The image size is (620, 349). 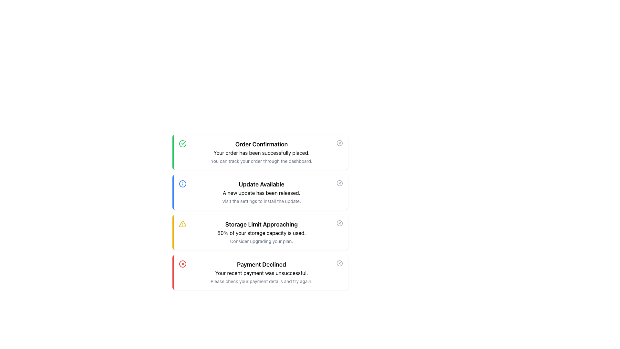 What do you see at coordinates (339, 223) in the screenshot?
I see `the circular graphical icon with a diagonal line inside, located within the notification card indicating 'Storage Limit Approaching'` at bounding box center [339, 223].